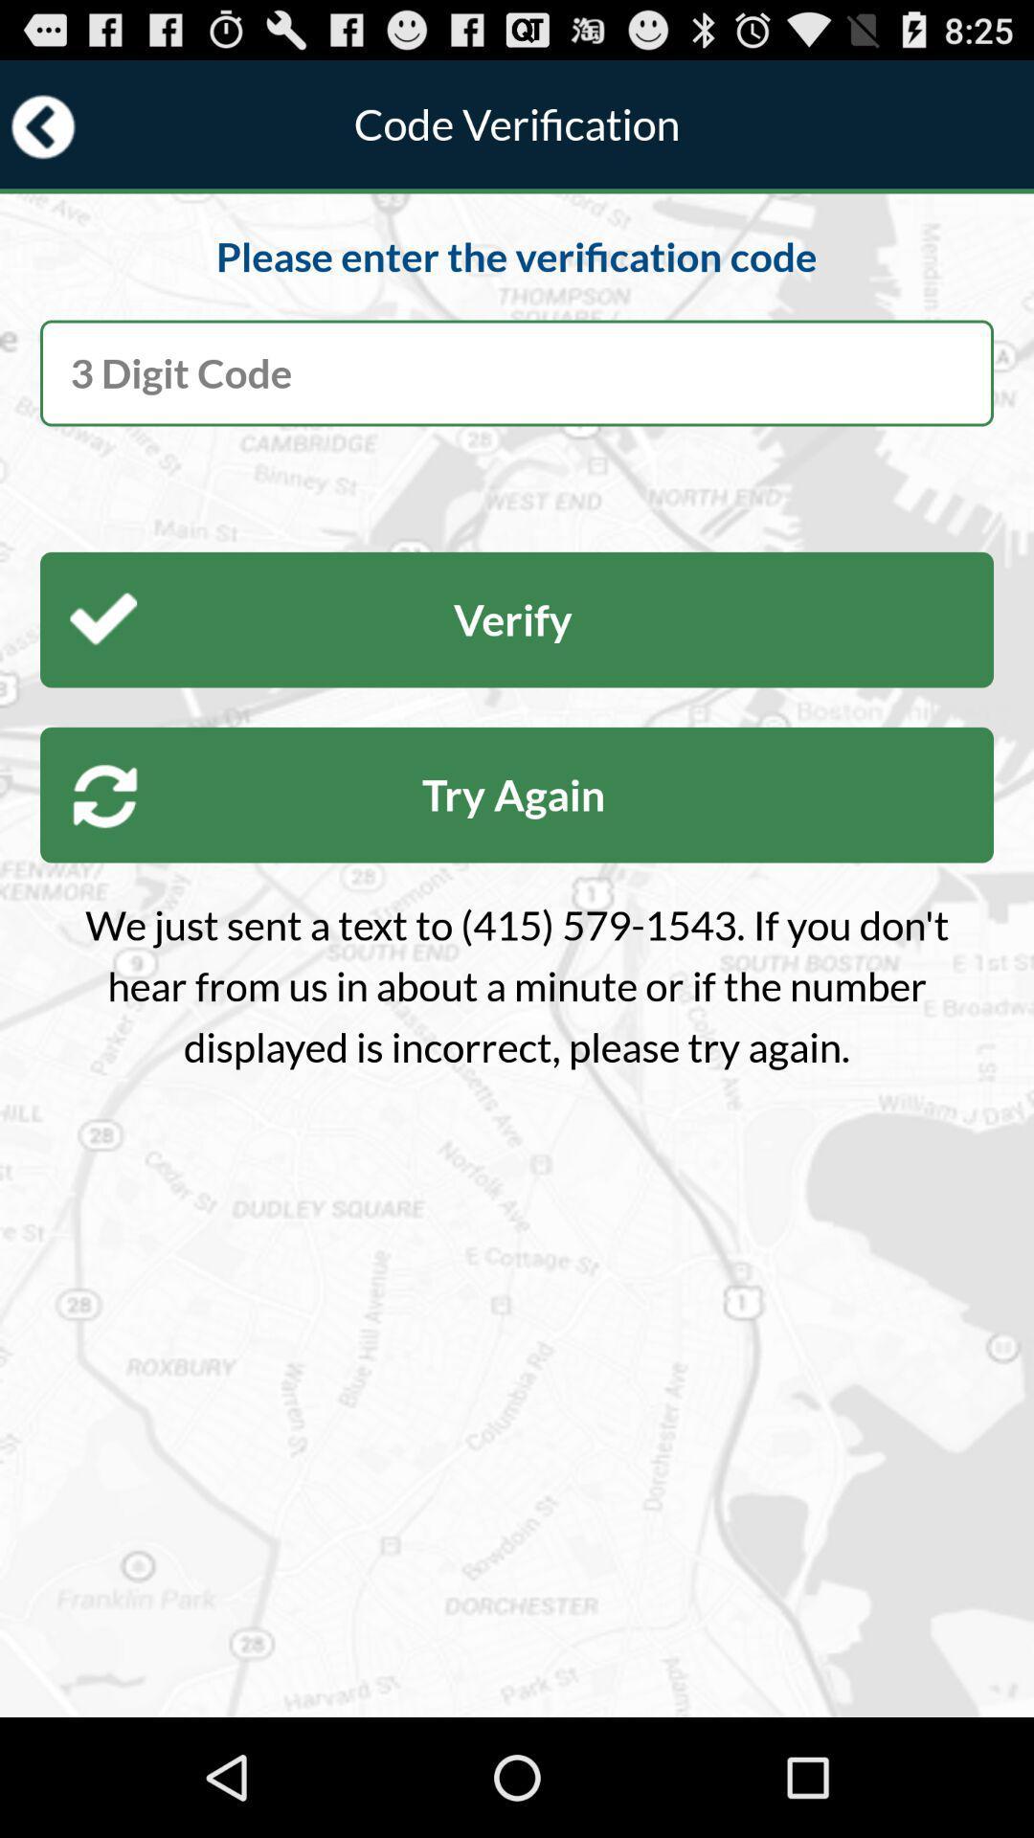  What do you see at coordinates (517, 372) in the screenshot?
I see `3 digit verification code` at bounding box center [517, 372].